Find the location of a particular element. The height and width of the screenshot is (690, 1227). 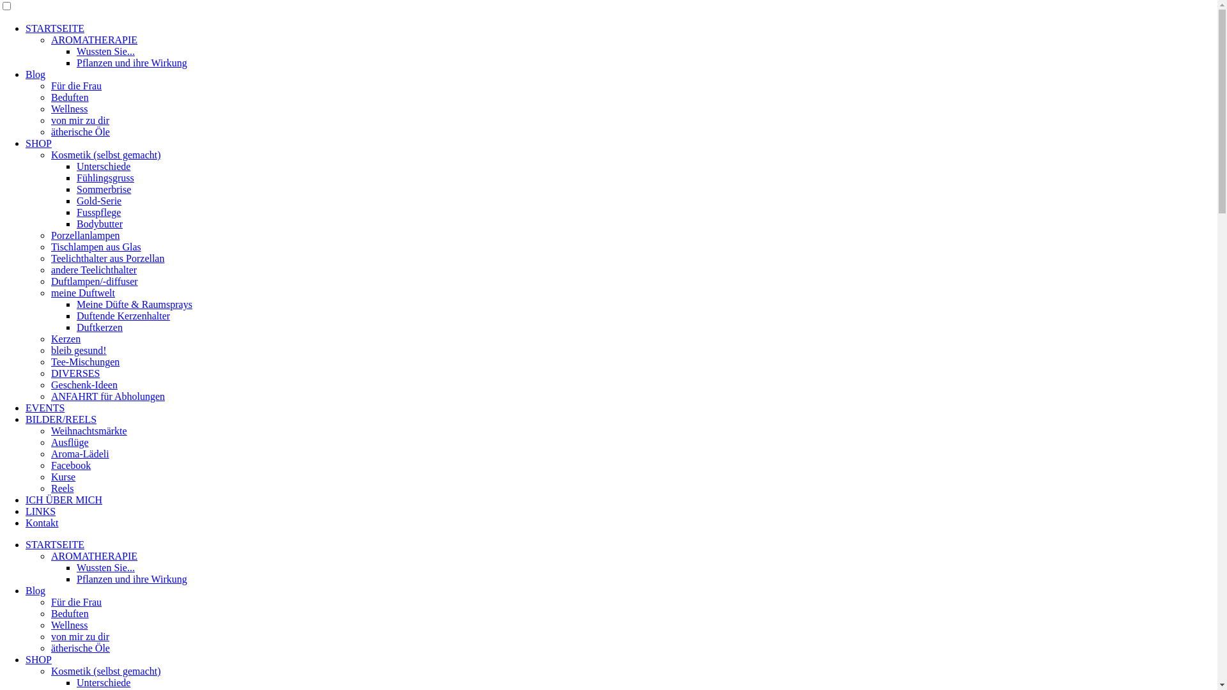

'AROMATHERAPIE' is located at coordinates (93, 555).